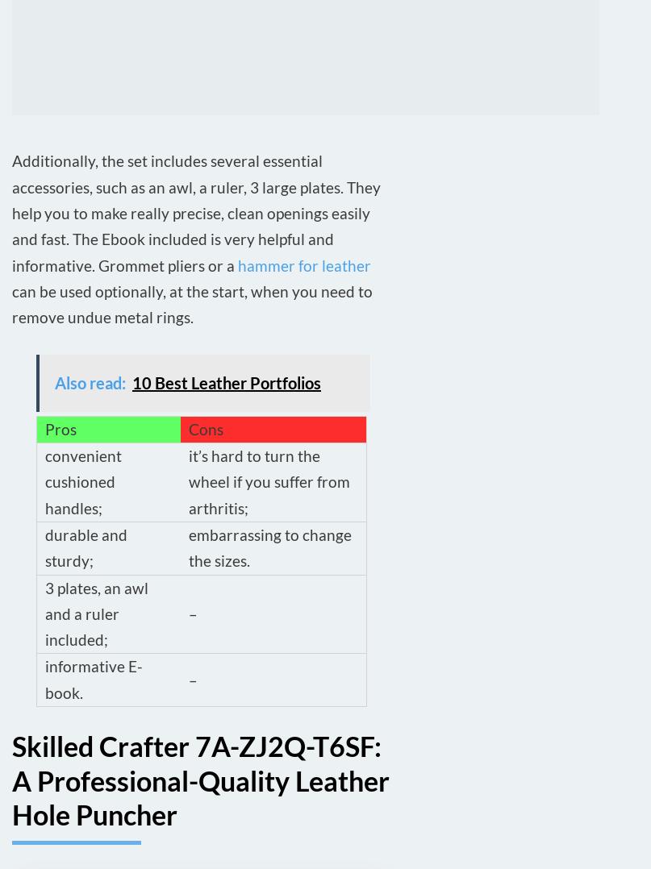 This screenshot has height=869, width=651. Describe the element at coordinates (45, 428) in the screenshot. I see `'Pros'` at that location.